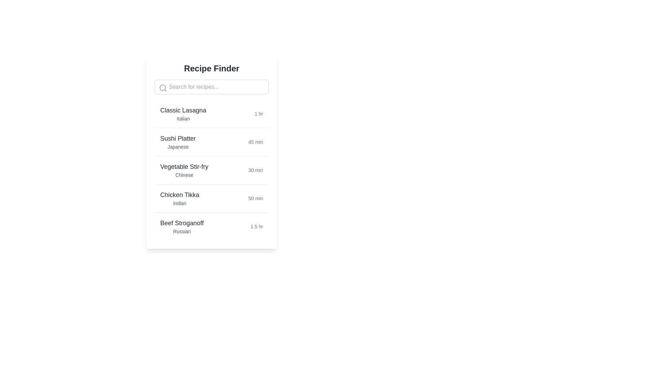  What do you see at coordinates (182, 231) in the screenshot?
I see `the 'Russian' text label, which is a smaller, gray label located directly beneath the 'Beef Stroganoff' label` at bounding box center [182, 231].